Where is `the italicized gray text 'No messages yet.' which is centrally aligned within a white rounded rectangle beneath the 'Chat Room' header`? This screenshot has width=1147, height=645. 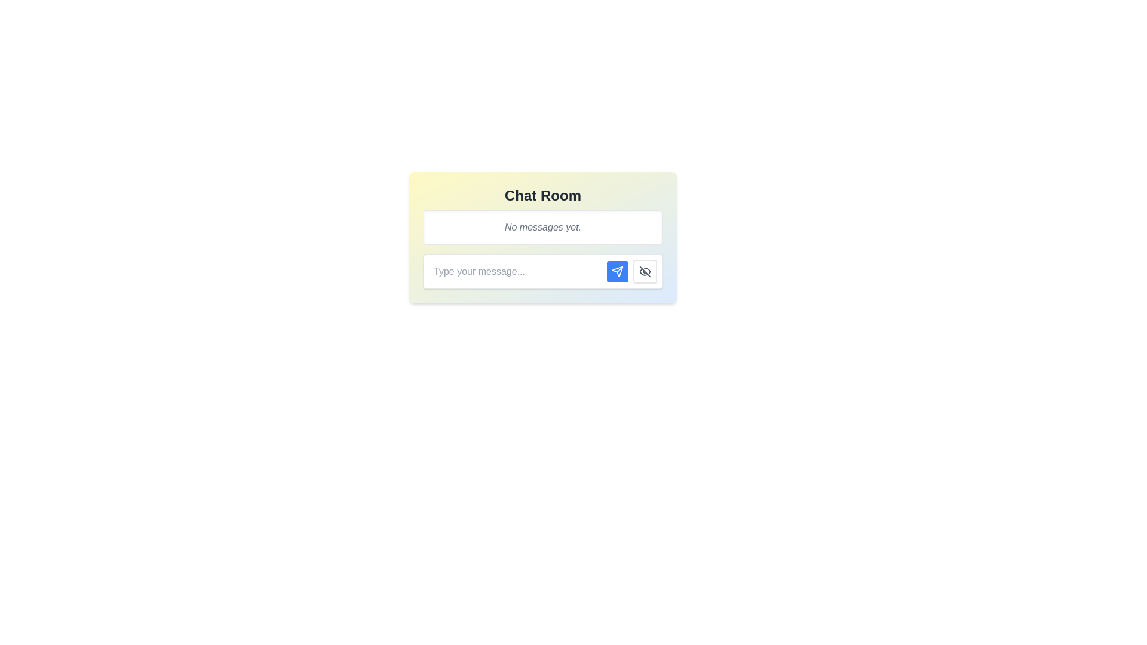
the italicized gray text 'No messages yet.' which is centrally aligned within a white rounded rectangle beneath the 'Chat Room' header is located at coordinates (542, 227).